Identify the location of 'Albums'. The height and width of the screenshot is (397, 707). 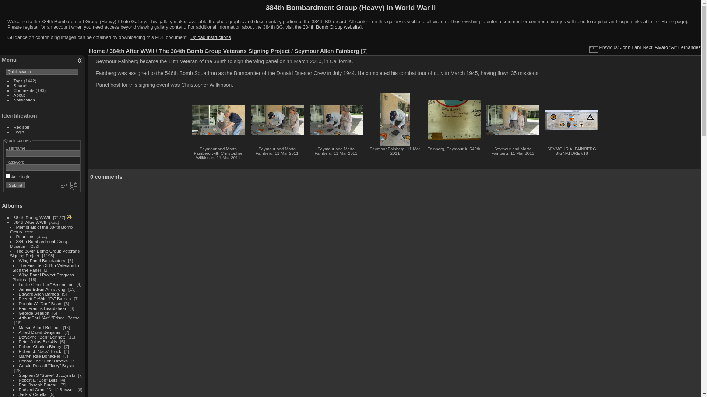
(12, 205).